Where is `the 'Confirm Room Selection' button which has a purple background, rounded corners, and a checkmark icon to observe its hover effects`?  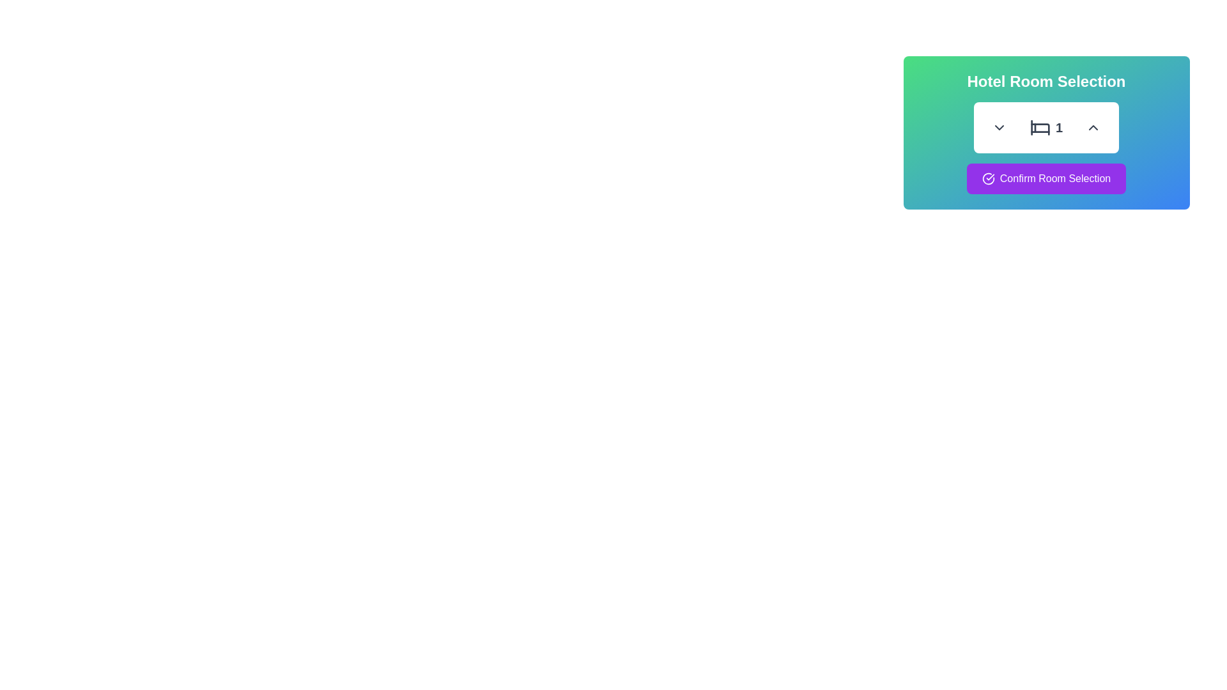 the 'Confirm Room Selection' button which has a purple background, rounded corners, and a checkmark icon to observe its hover effects is located at coordinates (1046, 179).